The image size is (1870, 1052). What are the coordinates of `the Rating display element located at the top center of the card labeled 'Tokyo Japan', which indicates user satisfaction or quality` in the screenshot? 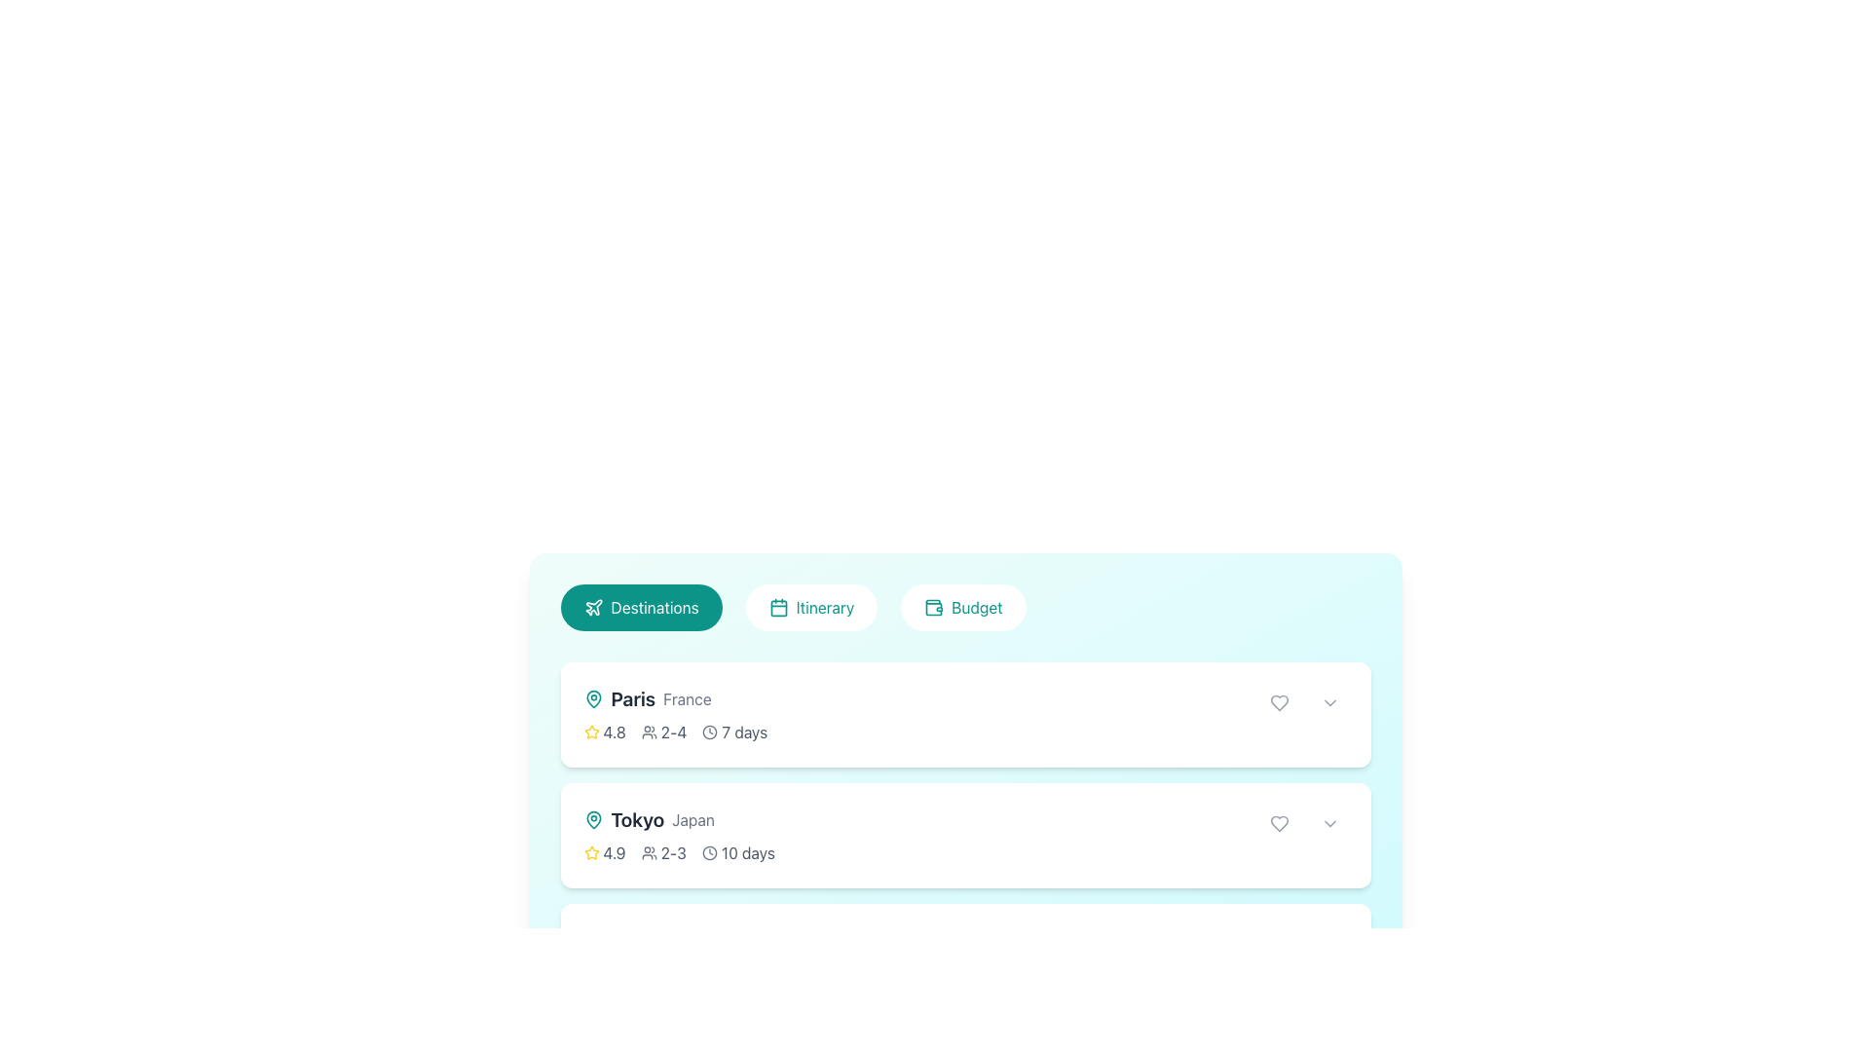 It's located at (604, 851).